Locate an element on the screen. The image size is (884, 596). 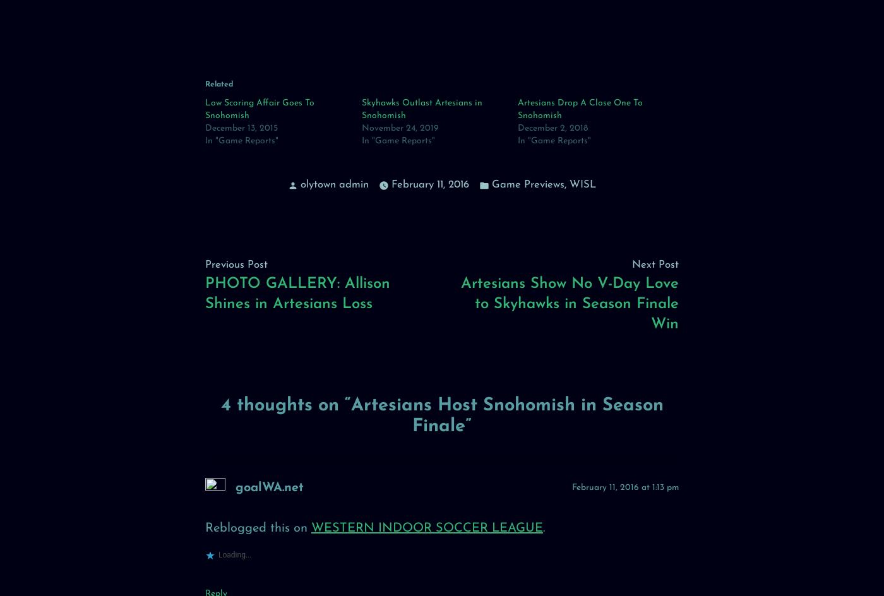
'Loading...' is located at coordinates (234, 554).